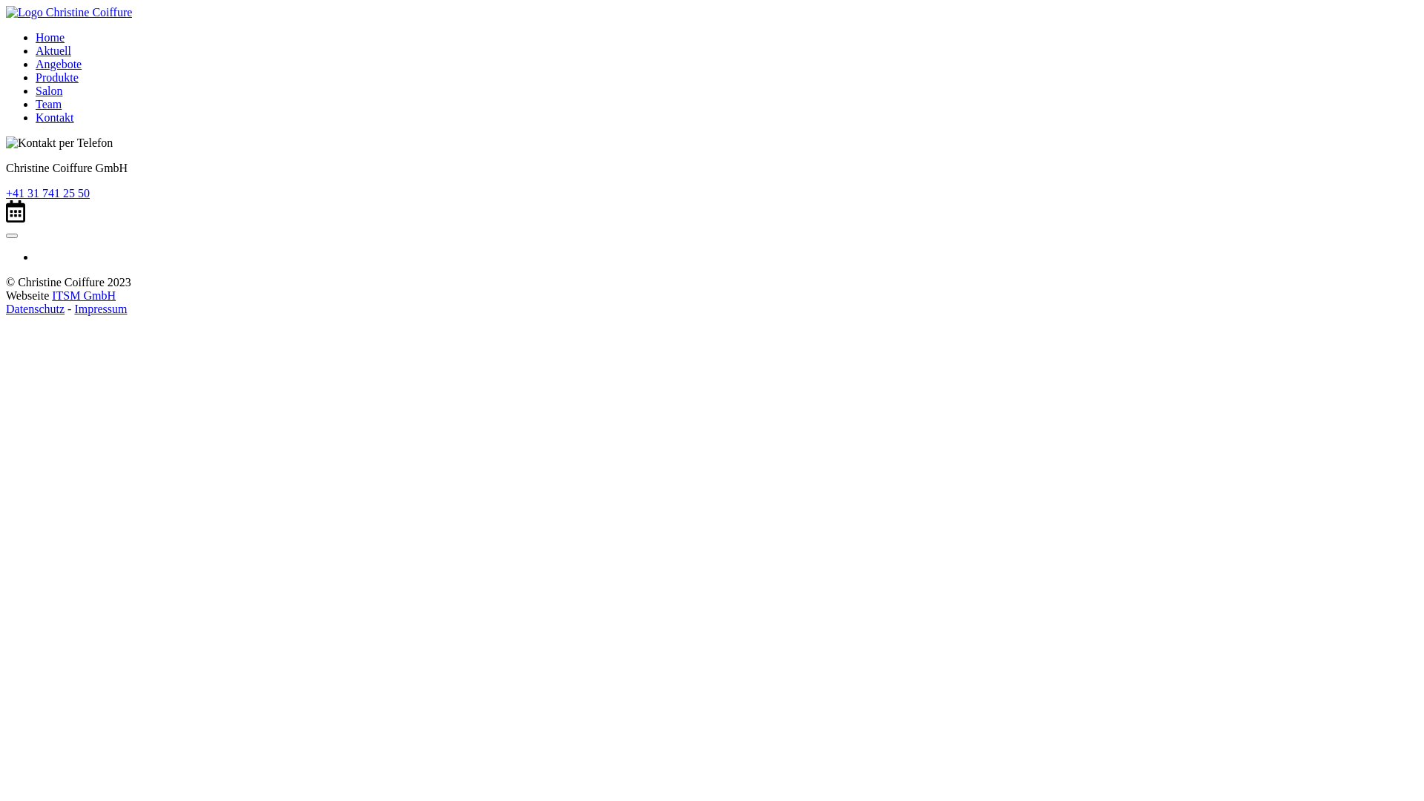  I want to click on 'Christine Coiffure', so click(6, 12).